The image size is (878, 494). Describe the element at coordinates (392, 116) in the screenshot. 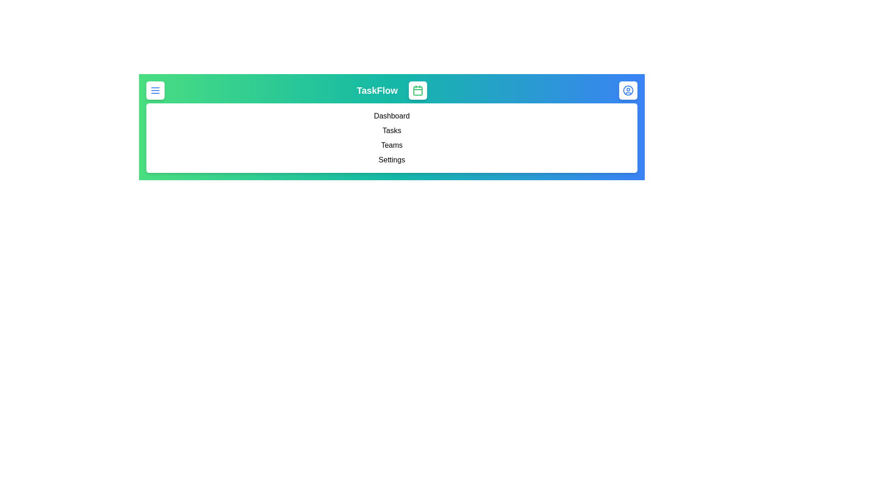

I see `the menu item Dashboard to navigate to the respective section` at that location.